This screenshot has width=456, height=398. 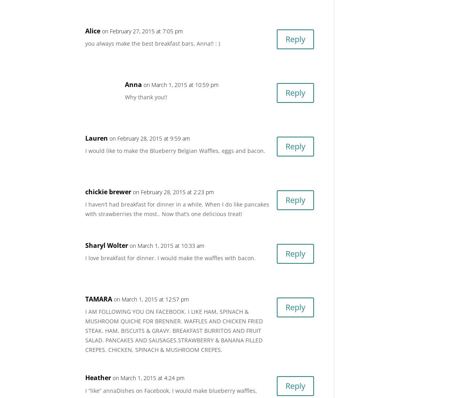 What do you see at coordinates (142, 31) in the screenshot?
I see `'on February 27, 2015 at 7:05 pm'` at bounding box center [142, 31].